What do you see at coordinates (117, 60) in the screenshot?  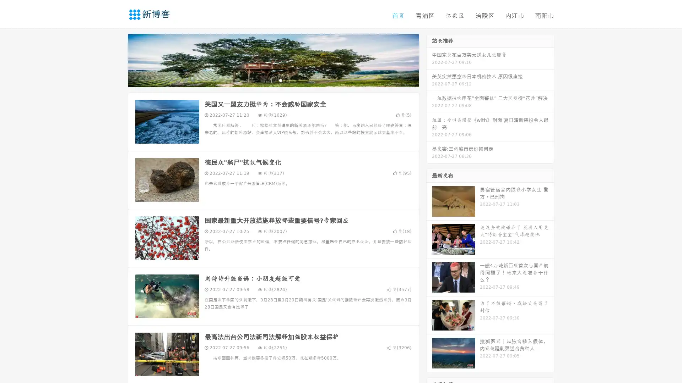 I see `Previous slide` at bounding box center [117, 60].